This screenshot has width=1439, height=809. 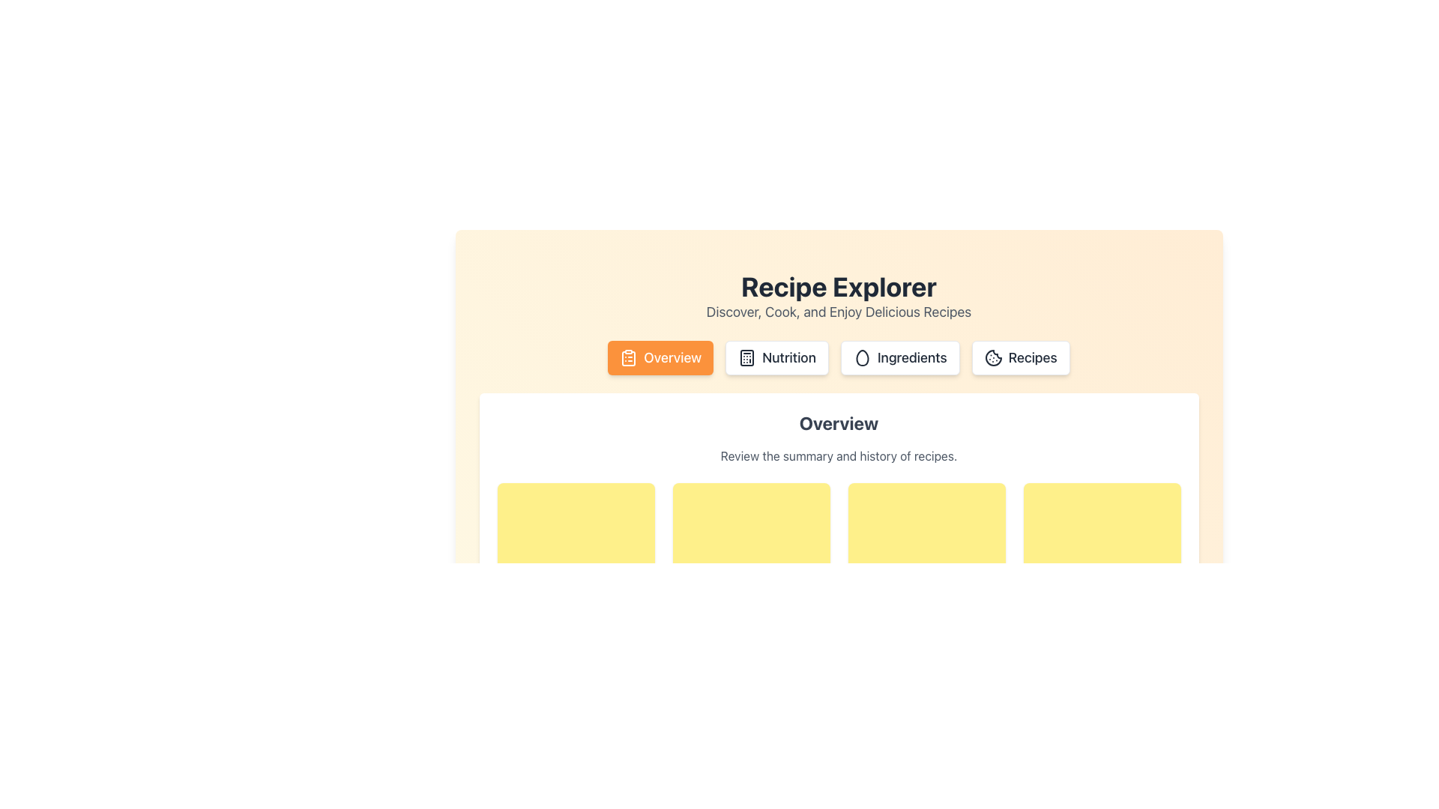 I want to click on the square-shaped ornamental component with a yellow background and rounded corners, located in the first row, second column of a 4-column grid layout, so click(x=751, y=561).